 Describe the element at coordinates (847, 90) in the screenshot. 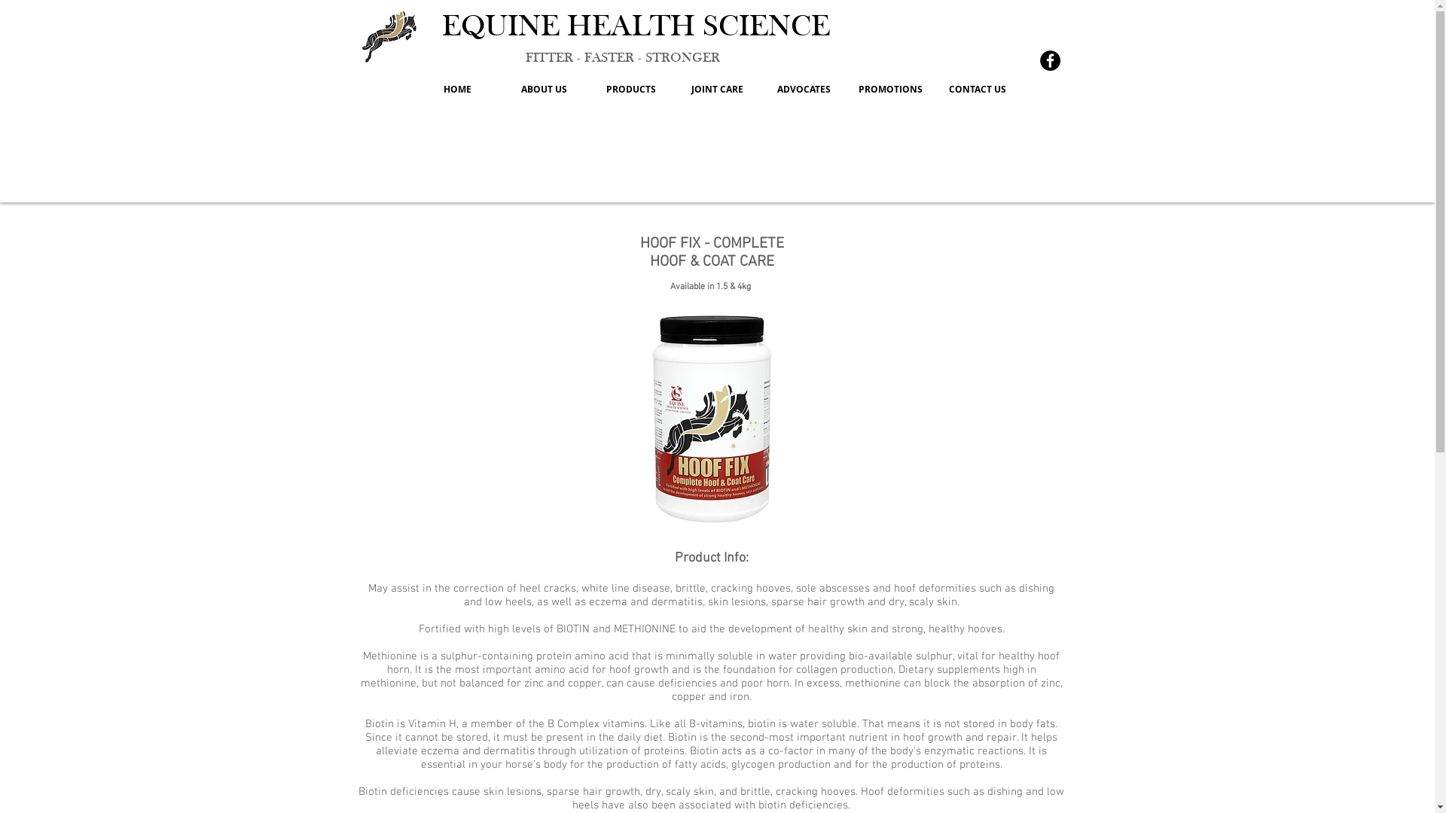

I see `'PROMOTIONS'` at that location.